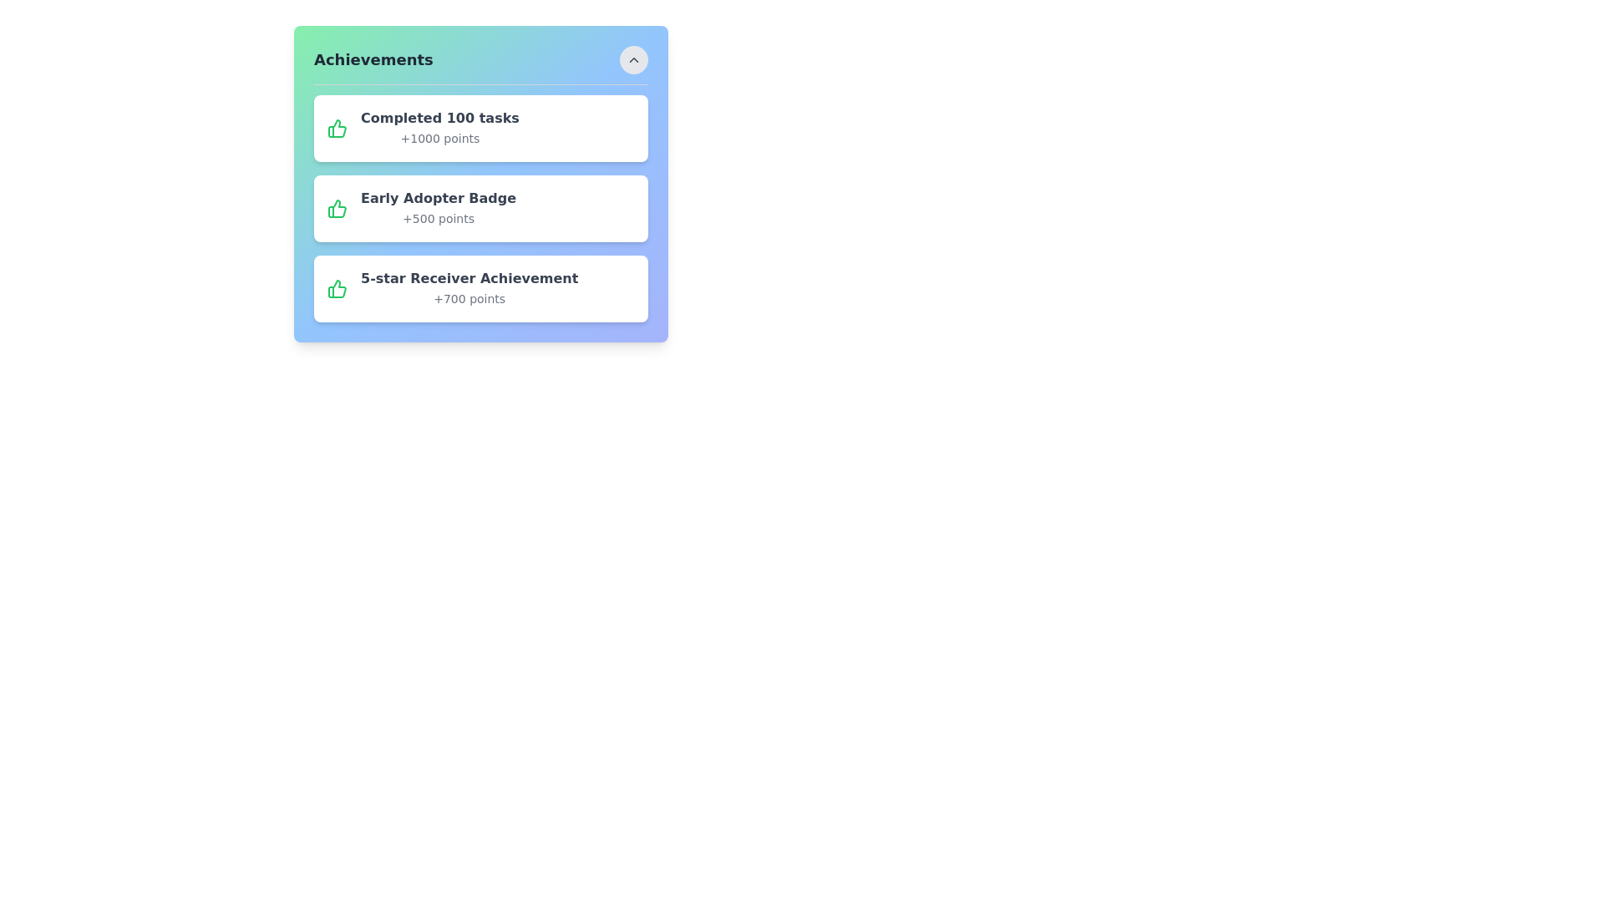 This screenshot has width=1604, height=902. What do you see at coordinates (480, 184) in the screenshot?
I see `the 'Early Adopter Badge' card within the Information card, which has a gradated blue-green background and is the second card under 'Achievements'` at bounding box center [480, 184].